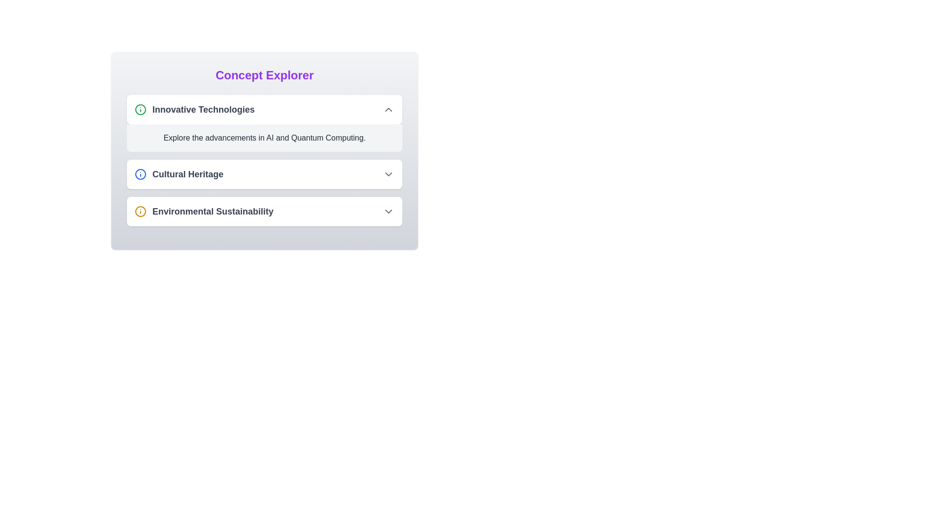 This screenshot has height=529, width=941. Describe the element at coordinates (203, 211) in the screenshot. I see `the clickable text label or button titled 'Environmental Sustainability'` at that location.